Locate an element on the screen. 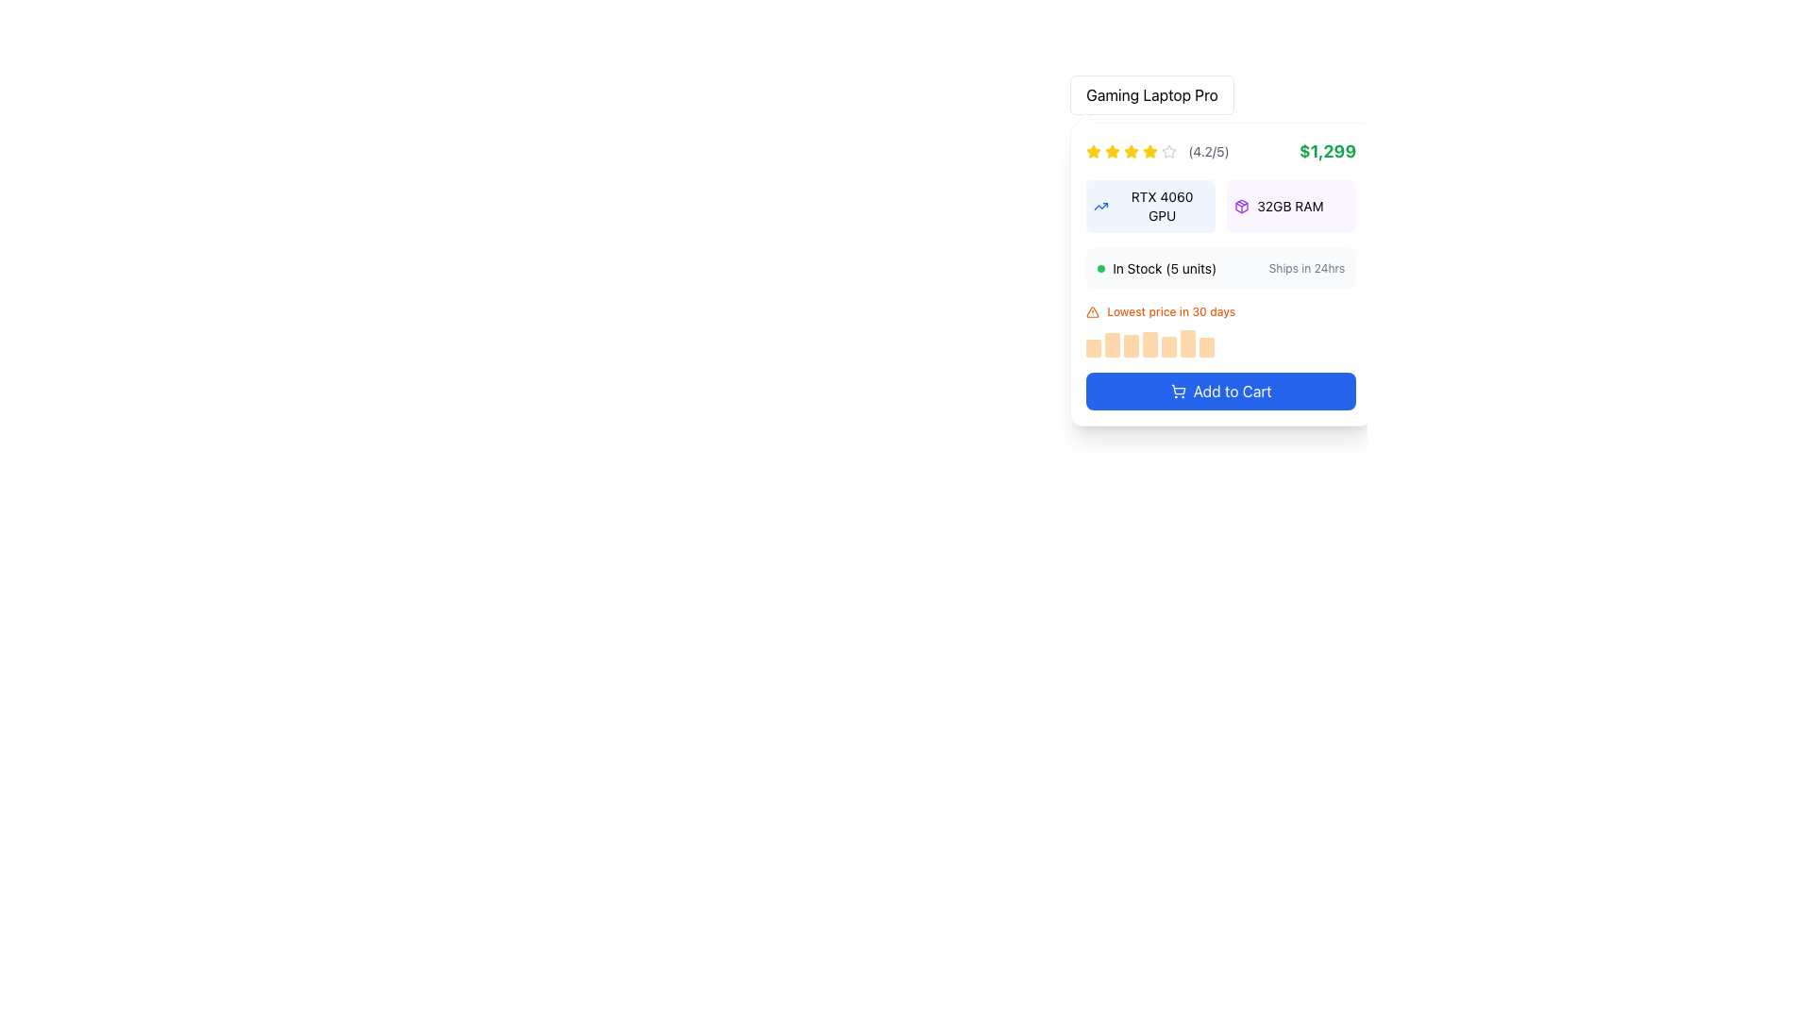  the second bar in a horizontally aligned group of seven orange bars in the bar chart, which is located below the label 'Lowest price in 30 days' and above the button labeled 'Add to Cart' is located at coordinates (1113, 345).